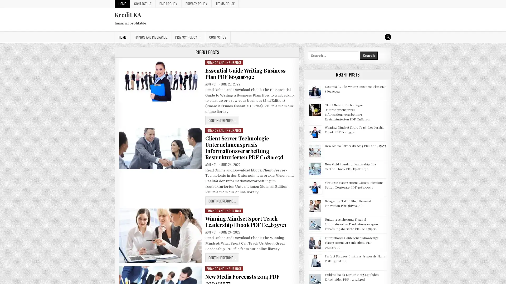 The height and width of the screenshot is (284, 506). Describe the element at coordinates (368, 55) in the screenshot. I see `Search` at that location.